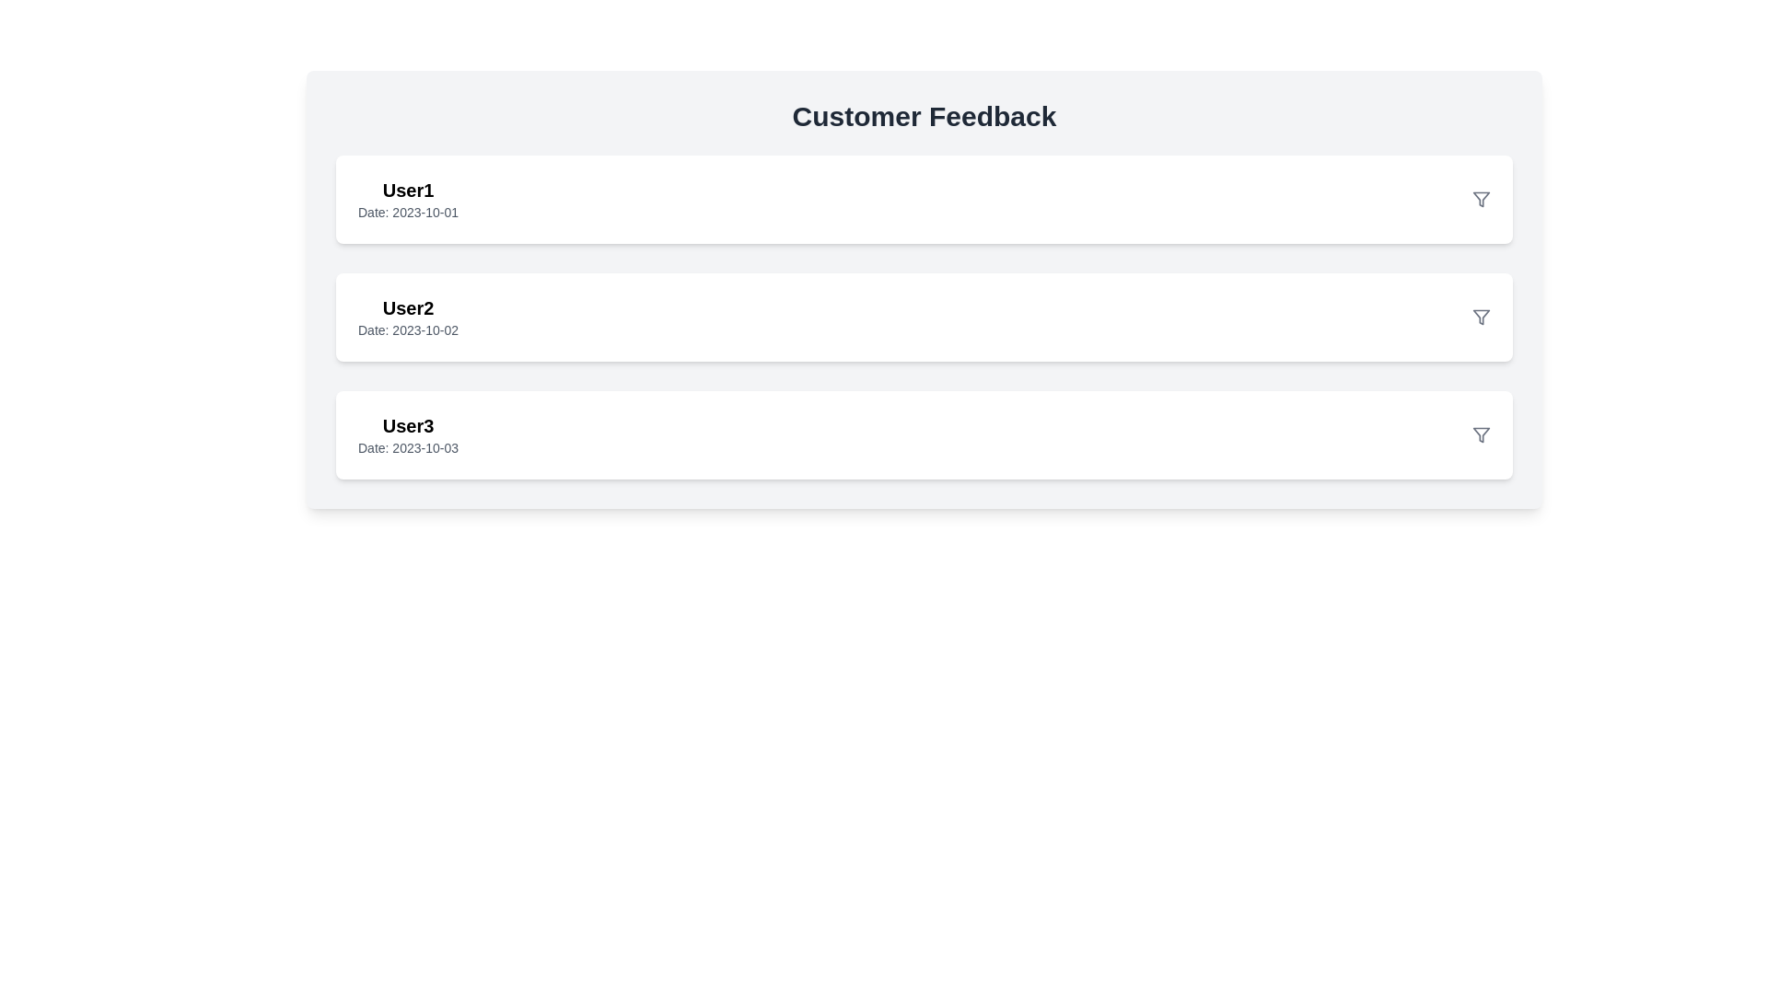 The height and width of the screenshot is (994, 1768). Describe the element at coordinates (407, 212) in the screenshot. I see `the text label displaying 'Date: 2023-10-01', which is styled in a smaller font size and lighter gray color, located below 'User1' within the user item card` at that location.